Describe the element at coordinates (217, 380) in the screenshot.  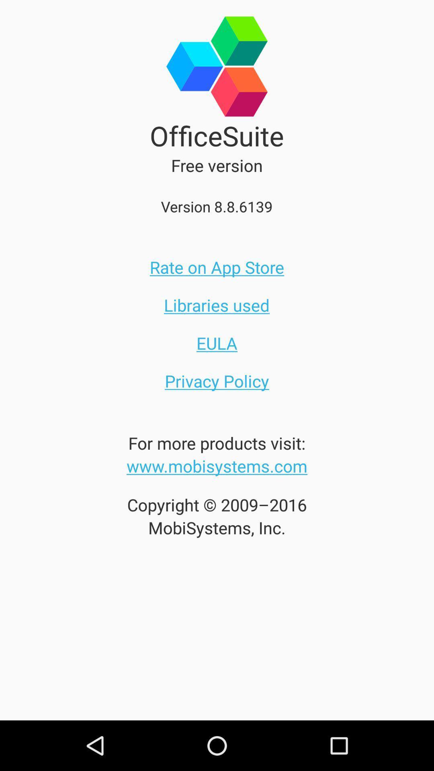
I see `icon below the eula` at that location.